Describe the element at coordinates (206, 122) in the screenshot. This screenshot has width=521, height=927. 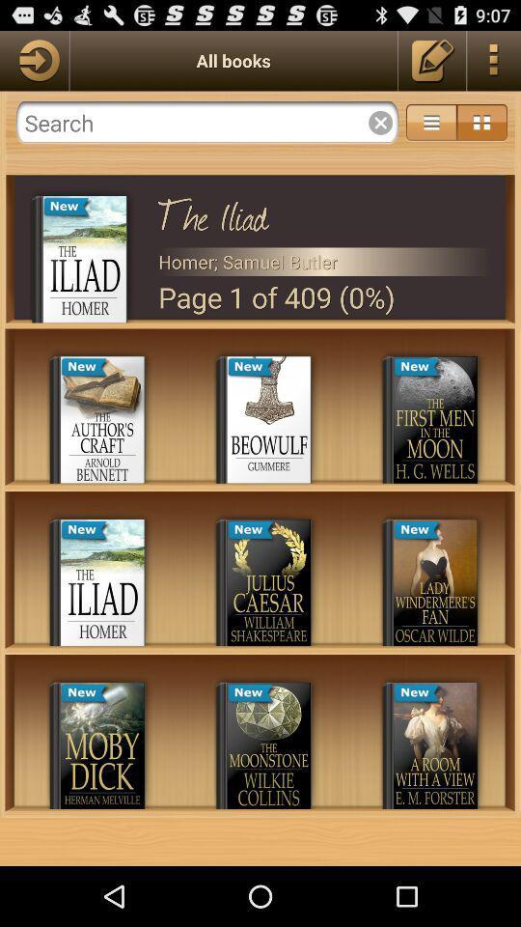
I see `close` at that location.